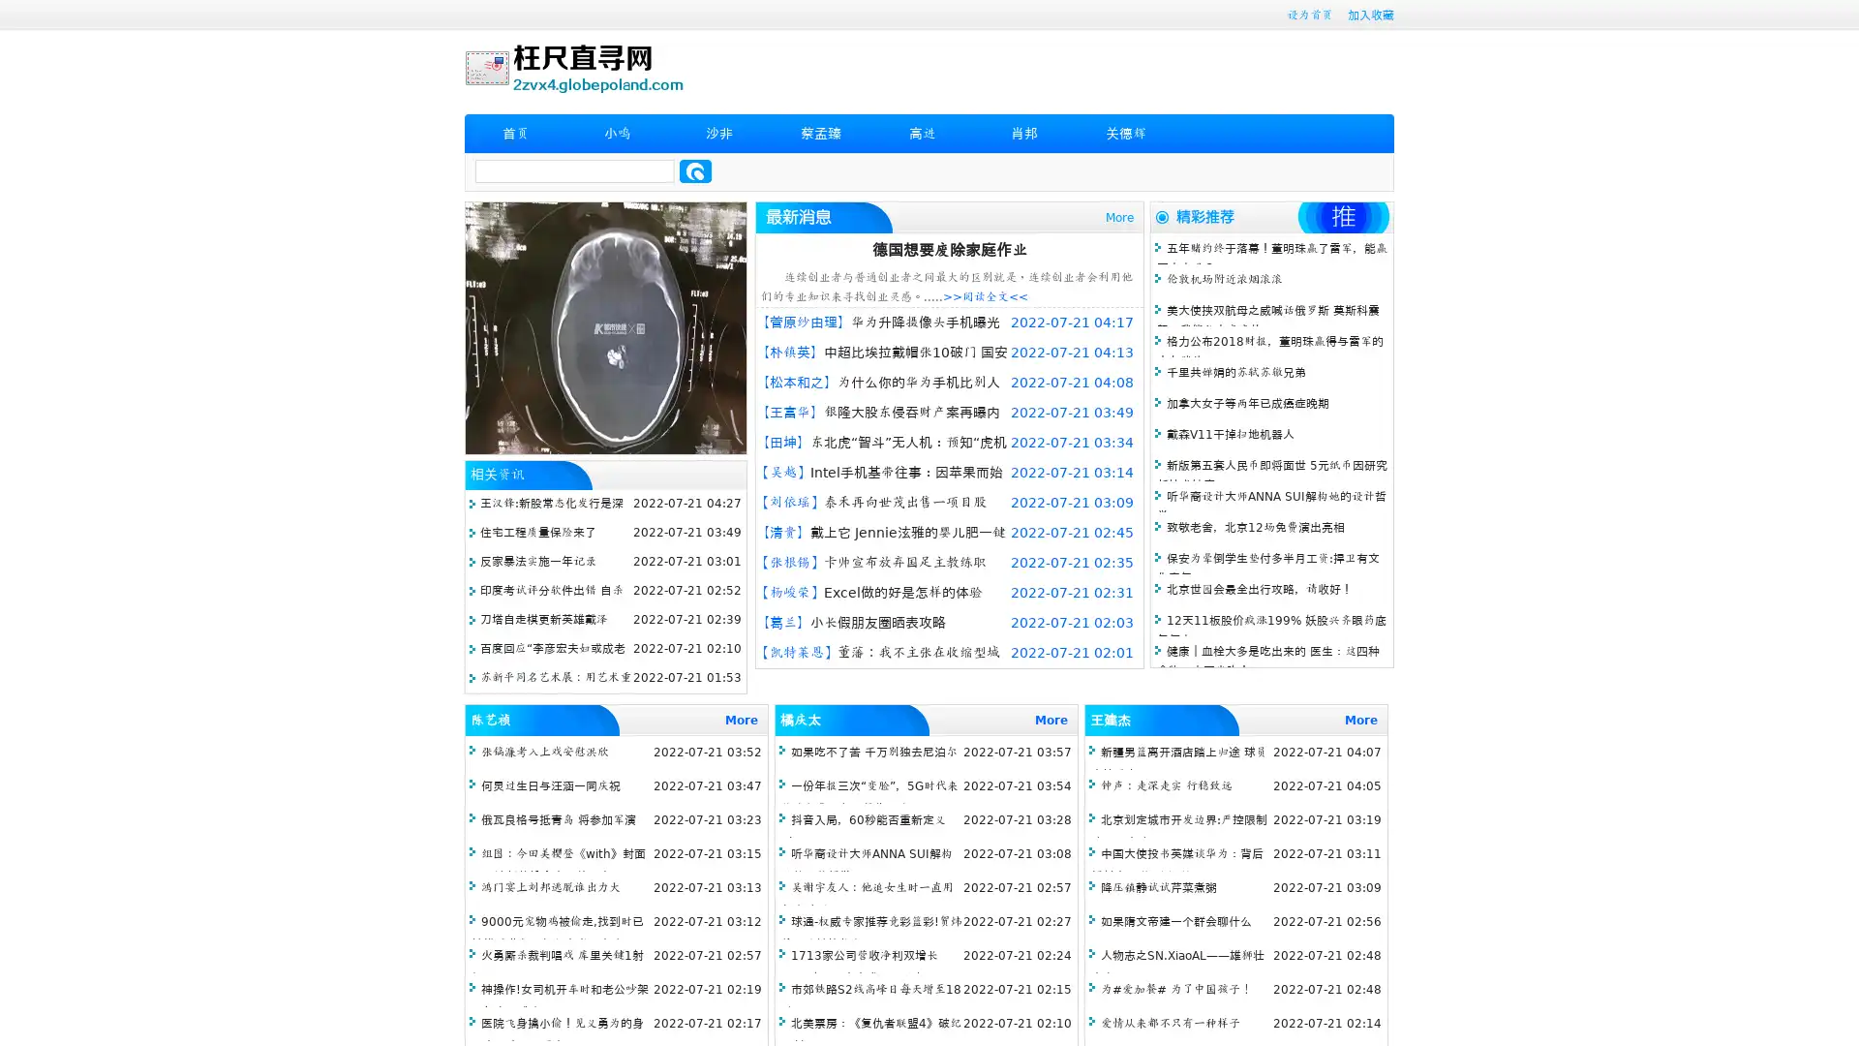 This screenshot has height=1046, width=1859. I want to click on Search, so click(695, 170).